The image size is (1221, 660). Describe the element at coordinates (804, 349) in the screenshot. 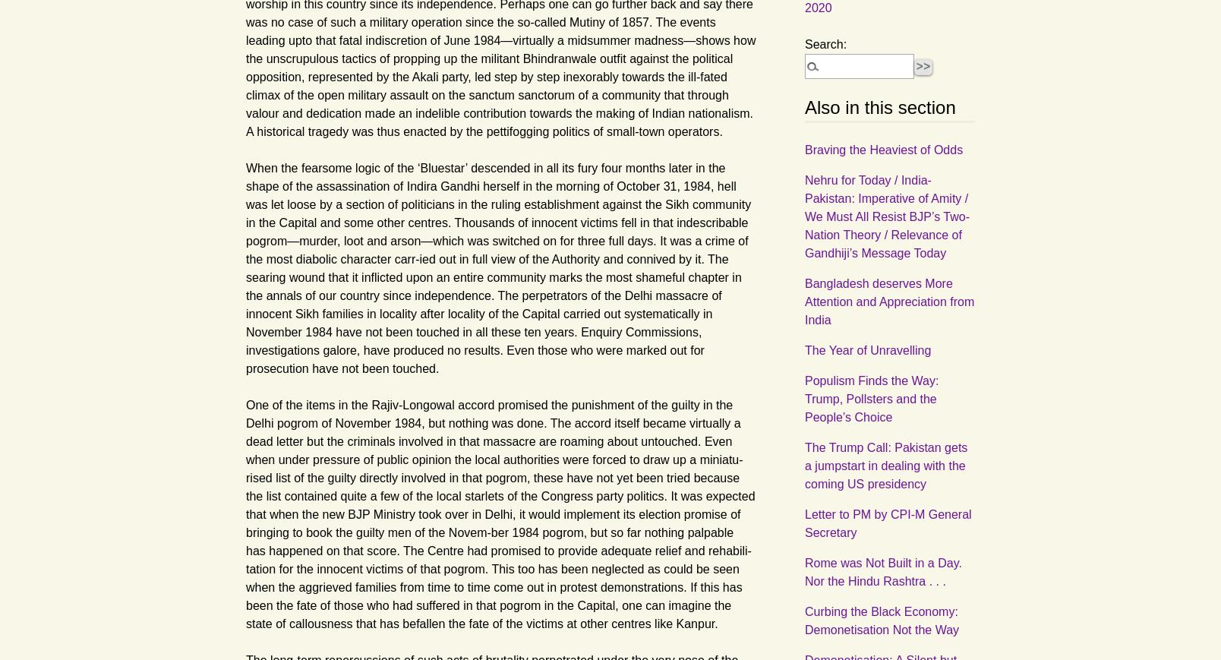

I see `'The Year of Unravelling'` at that location.